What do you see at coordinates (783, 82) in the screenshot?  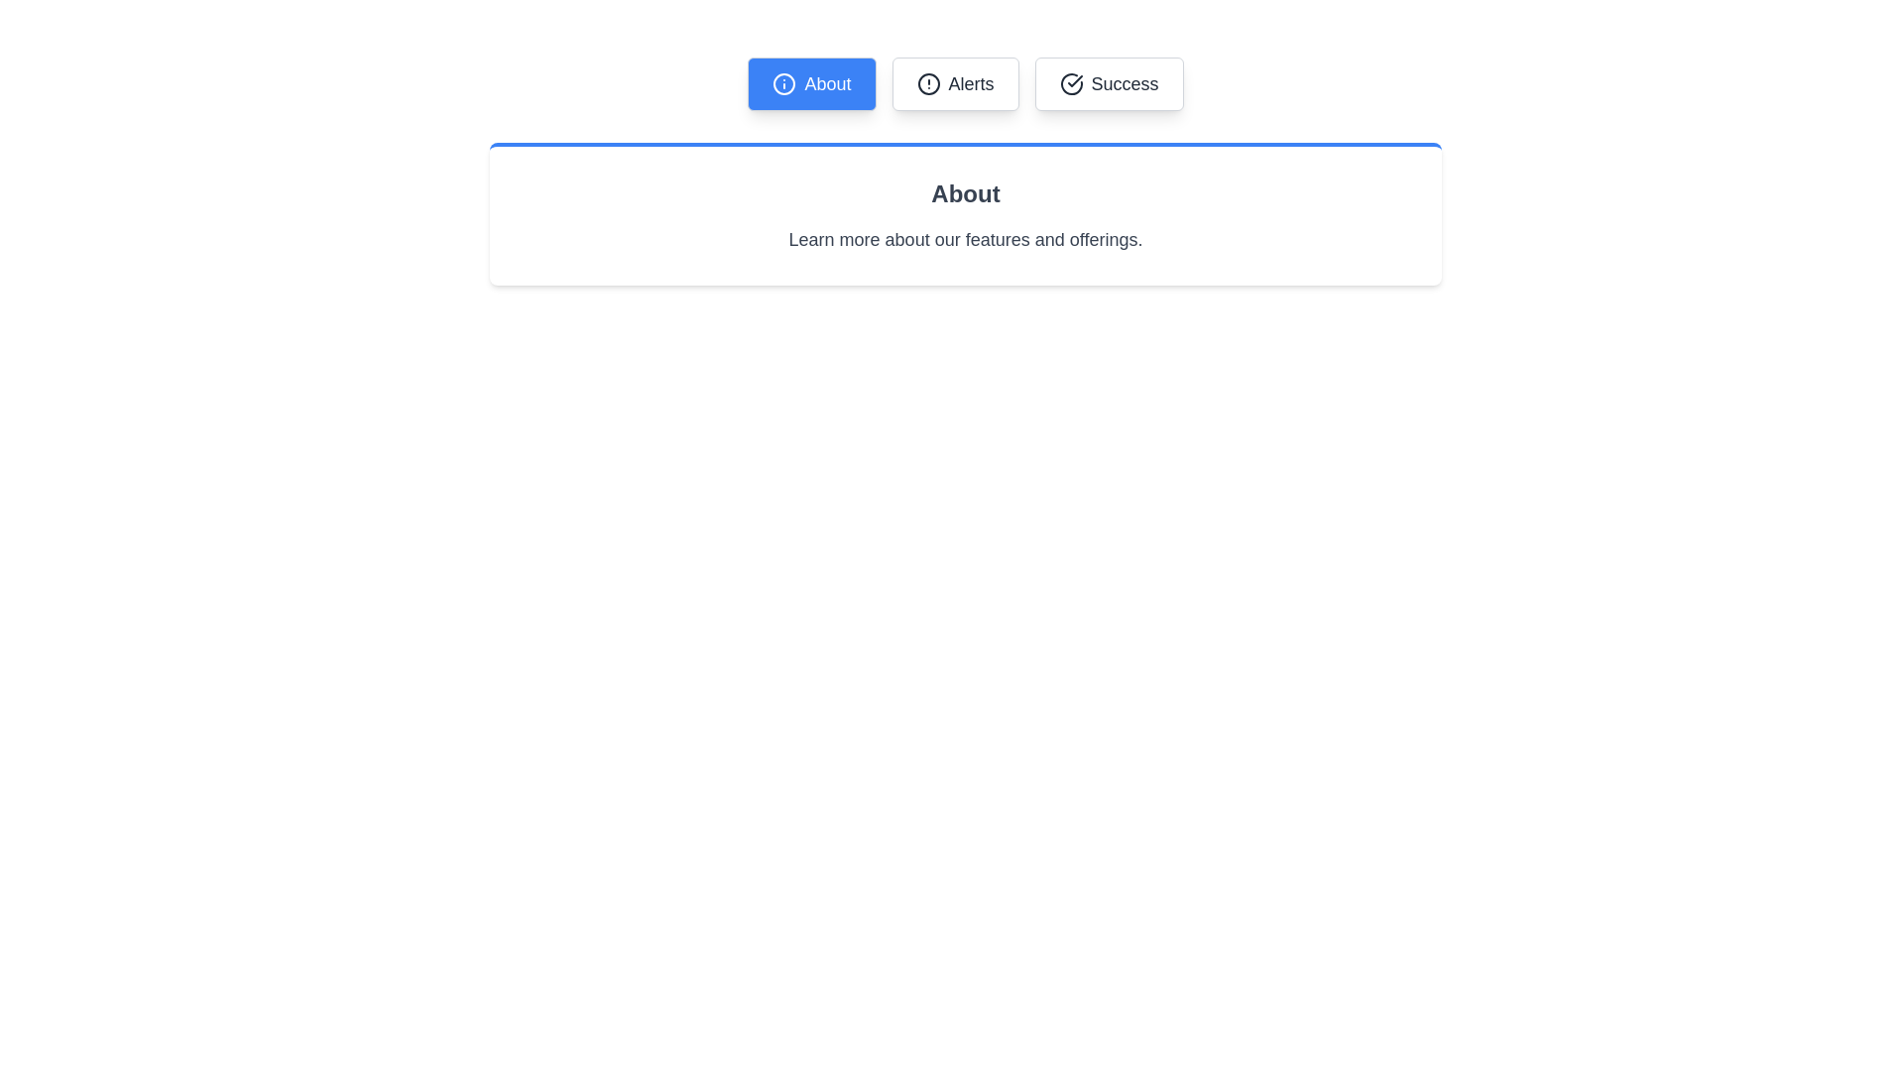 I see `the SVG circle element that serves as part of the 'About' button's icon, emphasizing its identity and importance` at bounding box center [783, 82].